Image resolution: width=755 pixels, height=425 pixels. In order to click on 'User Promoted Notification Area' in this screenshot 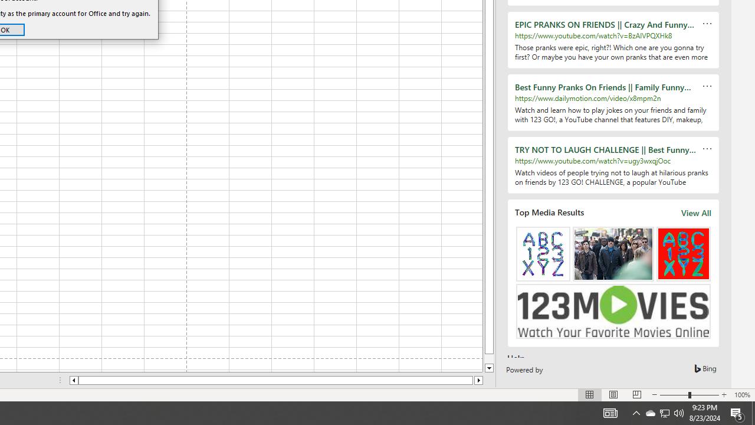, I will do `click(649, 412)`.